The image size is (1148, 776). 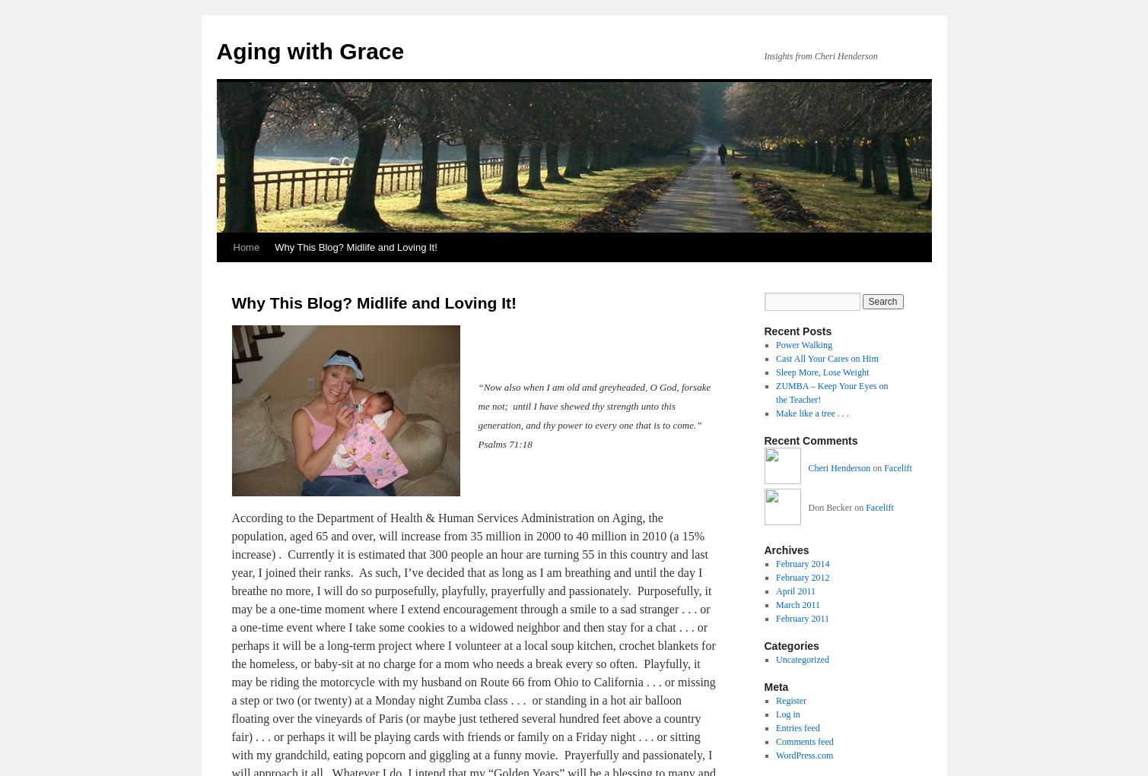 I want to click on 'Meta', so click(x=775, y=685).